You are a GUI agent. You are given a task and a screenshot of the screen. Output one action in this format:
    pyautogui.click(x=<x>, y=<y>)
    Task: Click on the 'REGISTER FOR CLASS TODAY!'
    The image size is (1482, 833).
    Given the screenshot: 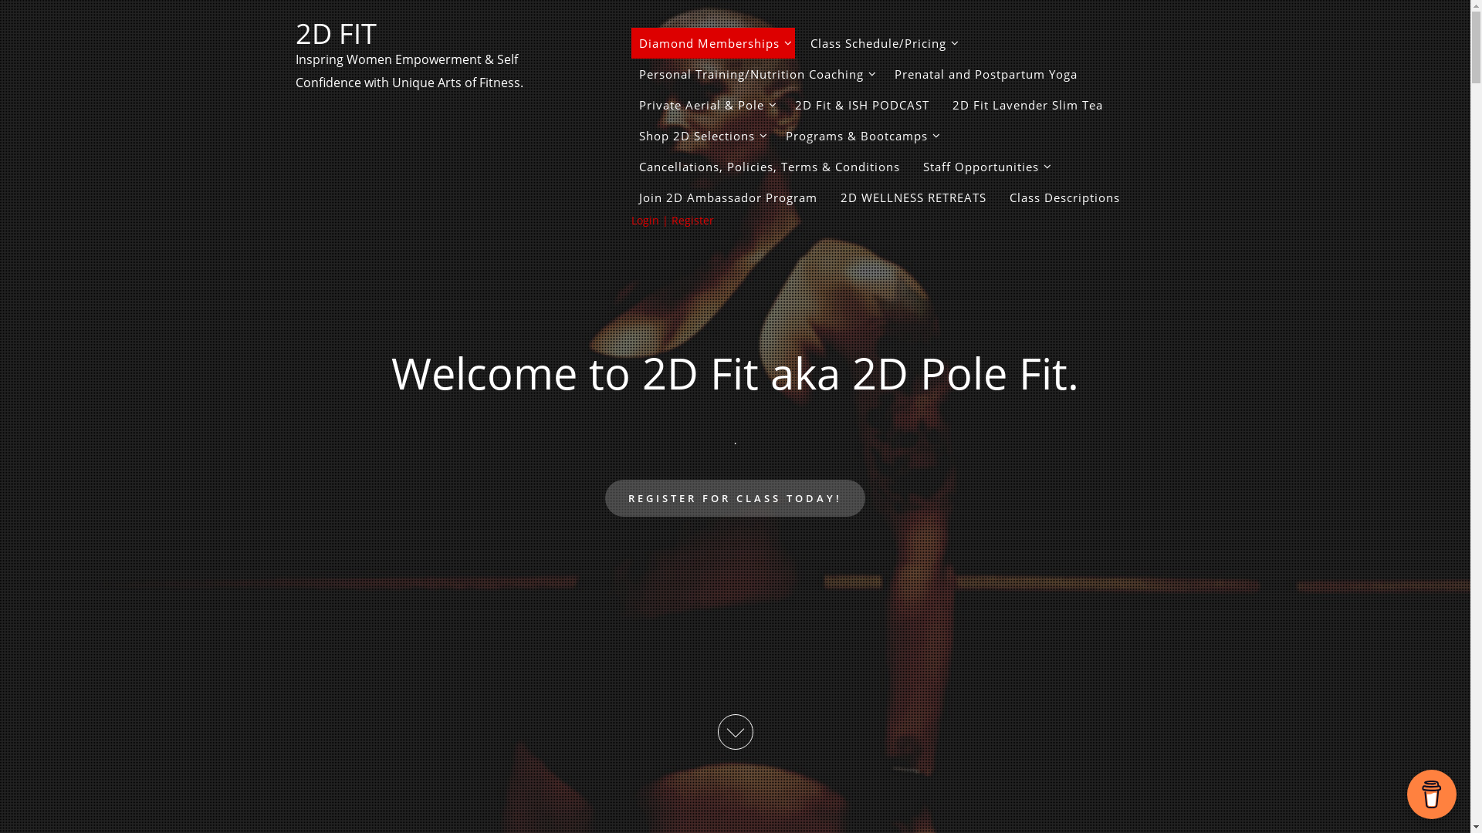 What is the action you would take?
    pyautogui.click(x=734, y=497)
    